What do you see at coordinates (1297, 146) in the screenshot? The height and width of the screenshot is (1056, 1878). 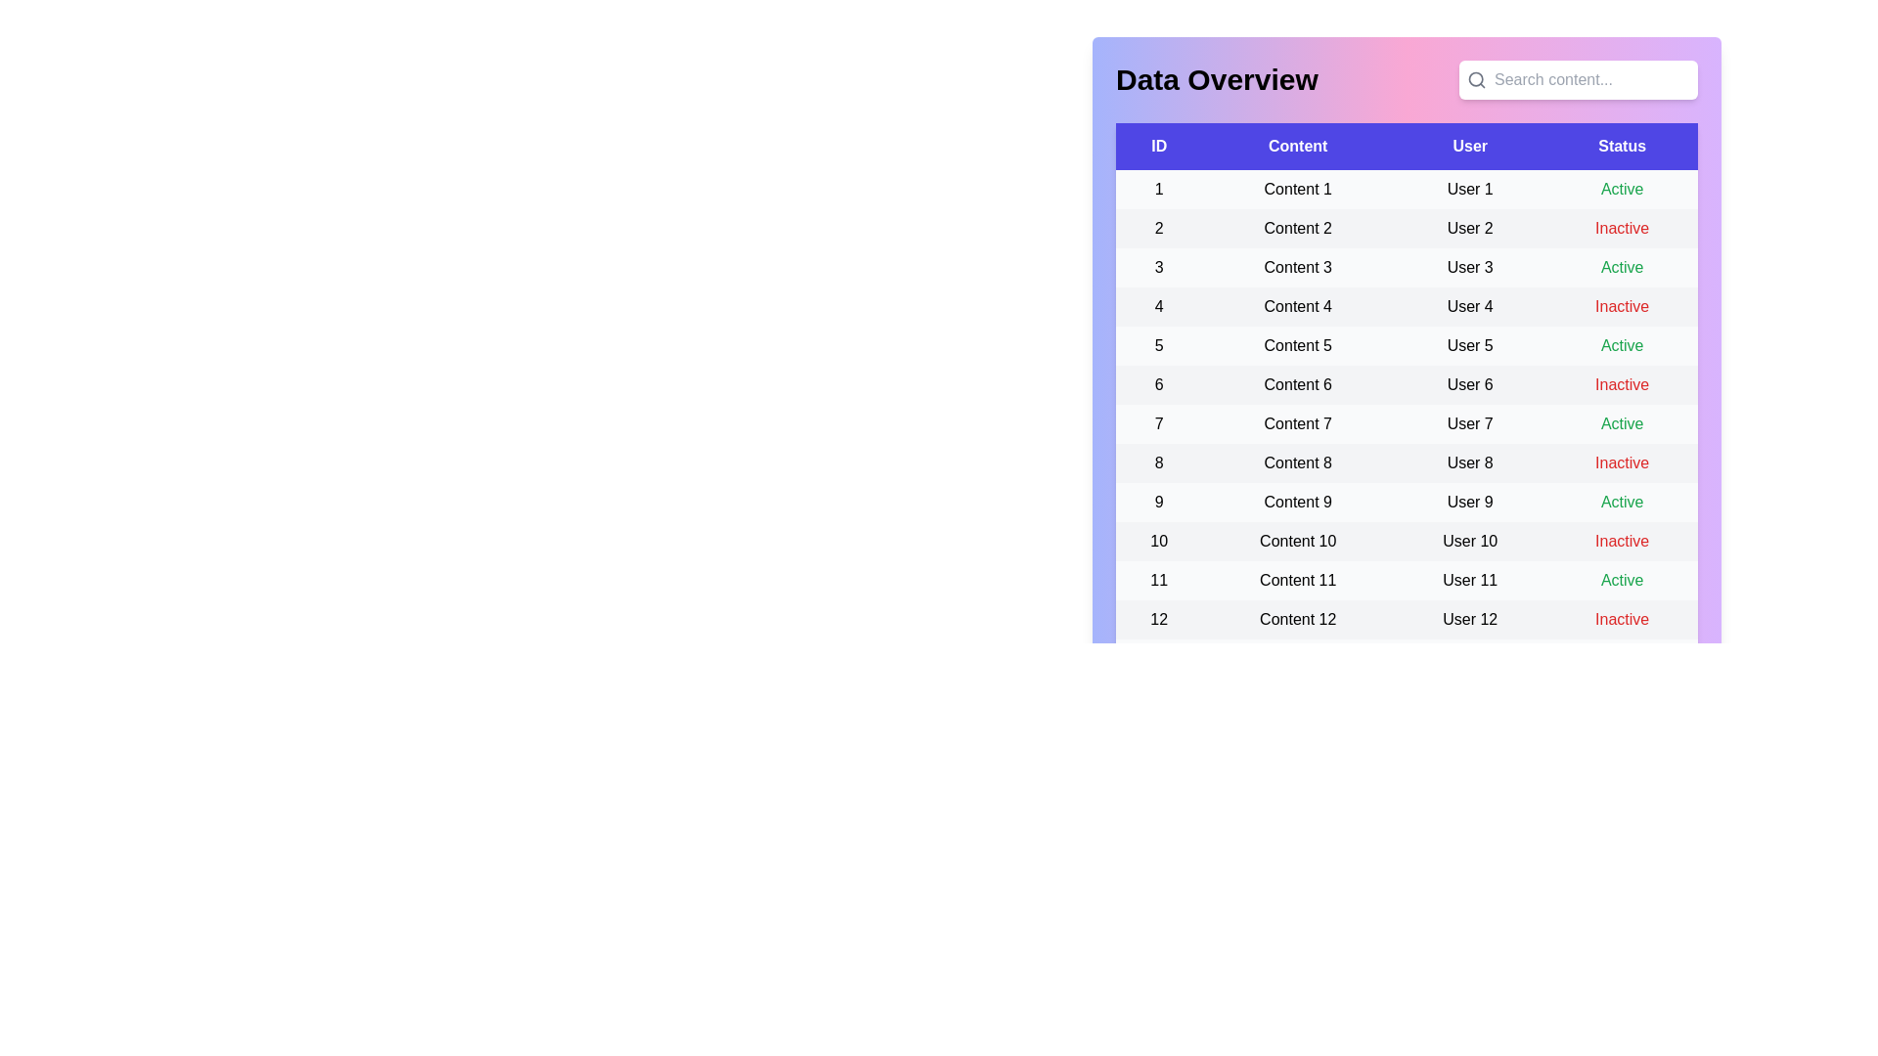 I see `the column header Content to sort the table by that column` at bounding box center [1297, 146].